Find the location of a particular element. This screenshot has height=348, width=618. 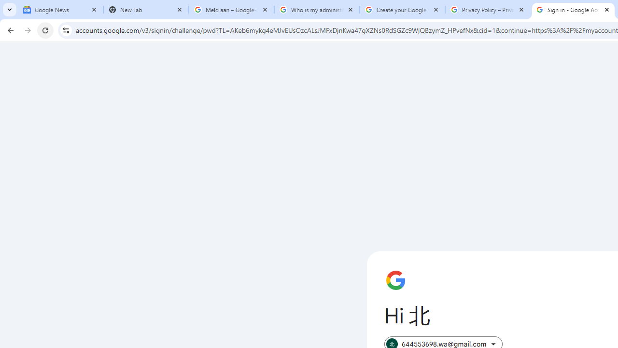

'Create your Google Account' is located at coordinates (402, 10).